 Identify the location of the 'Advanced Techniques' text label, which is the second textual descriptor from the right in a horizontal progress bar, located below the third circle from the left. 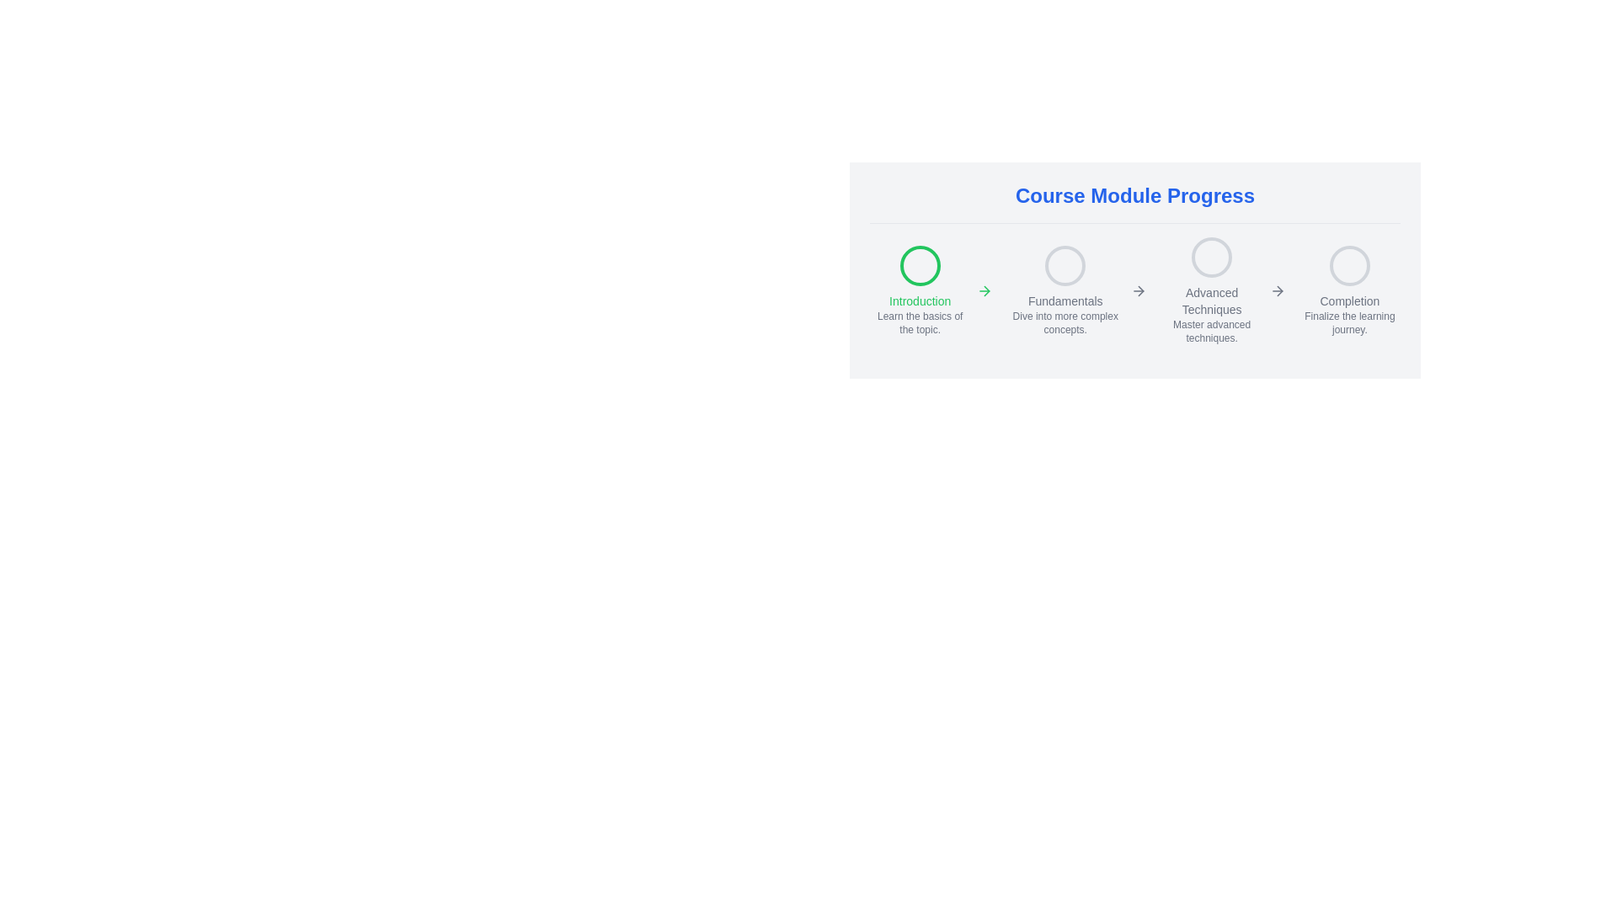
(1211, 300).